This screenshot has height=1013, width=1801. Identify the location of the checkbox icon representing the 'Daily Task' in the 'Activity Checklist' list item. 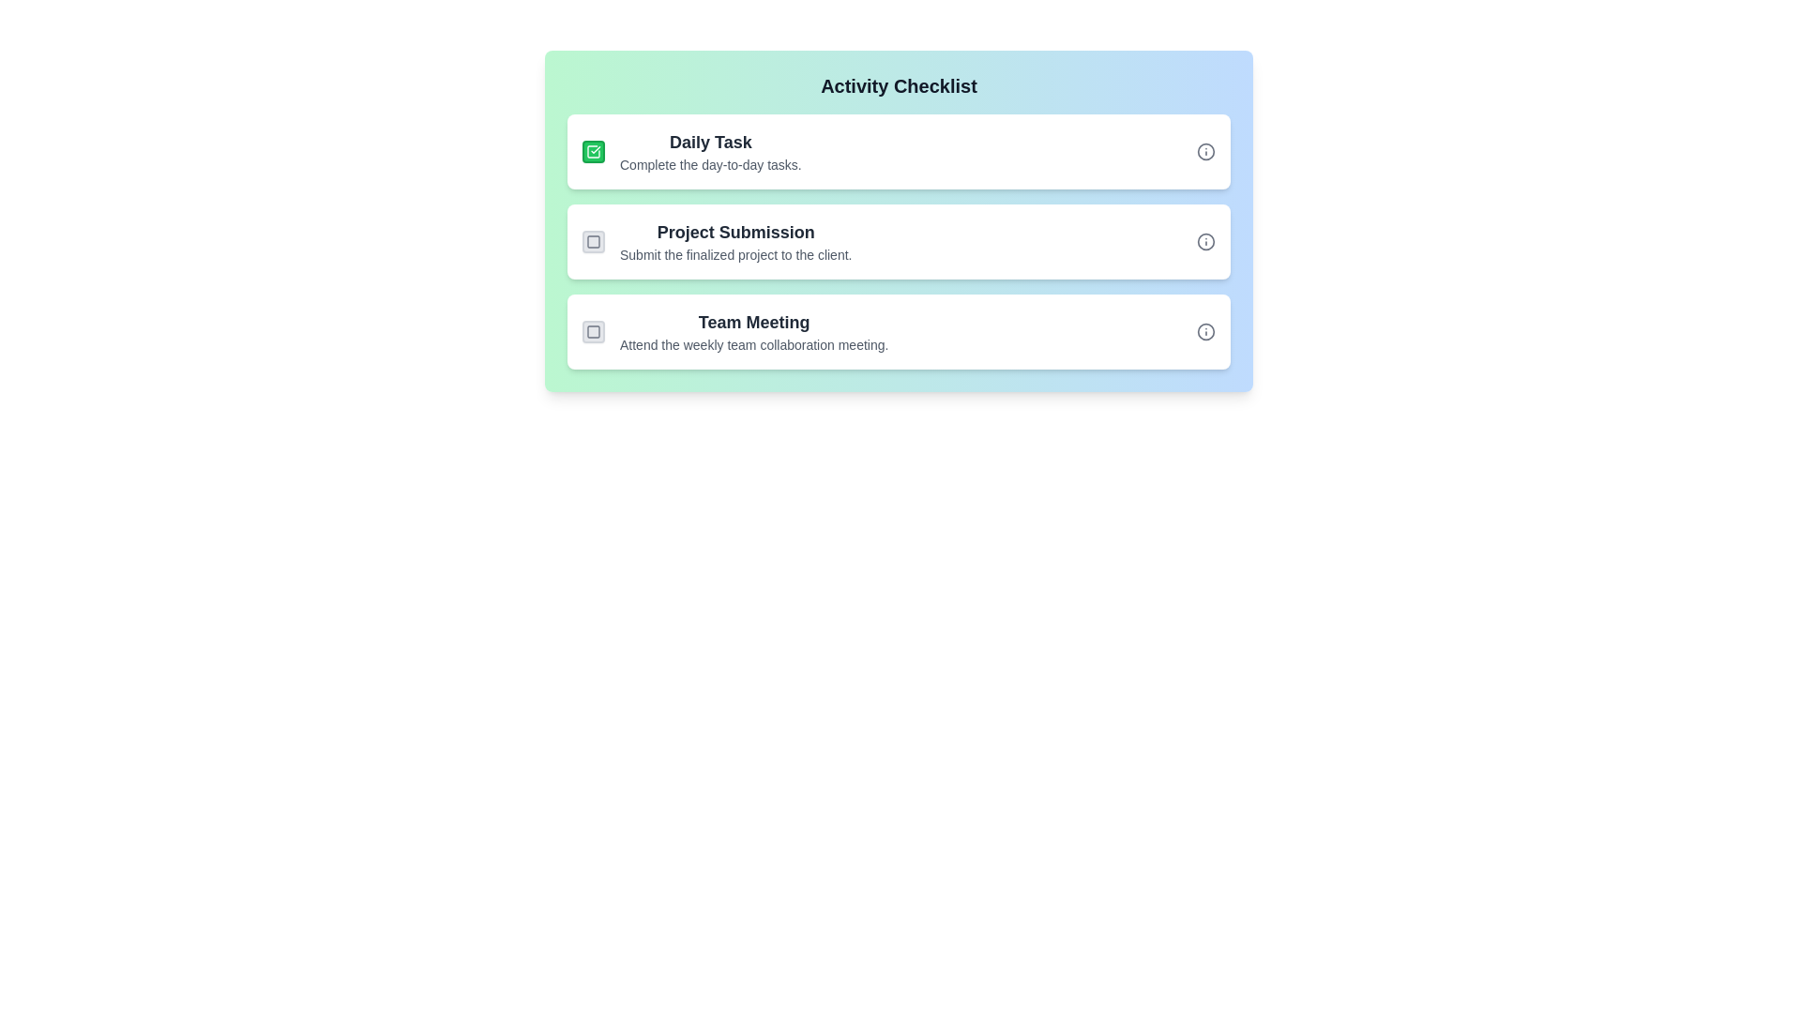
(593, 151).